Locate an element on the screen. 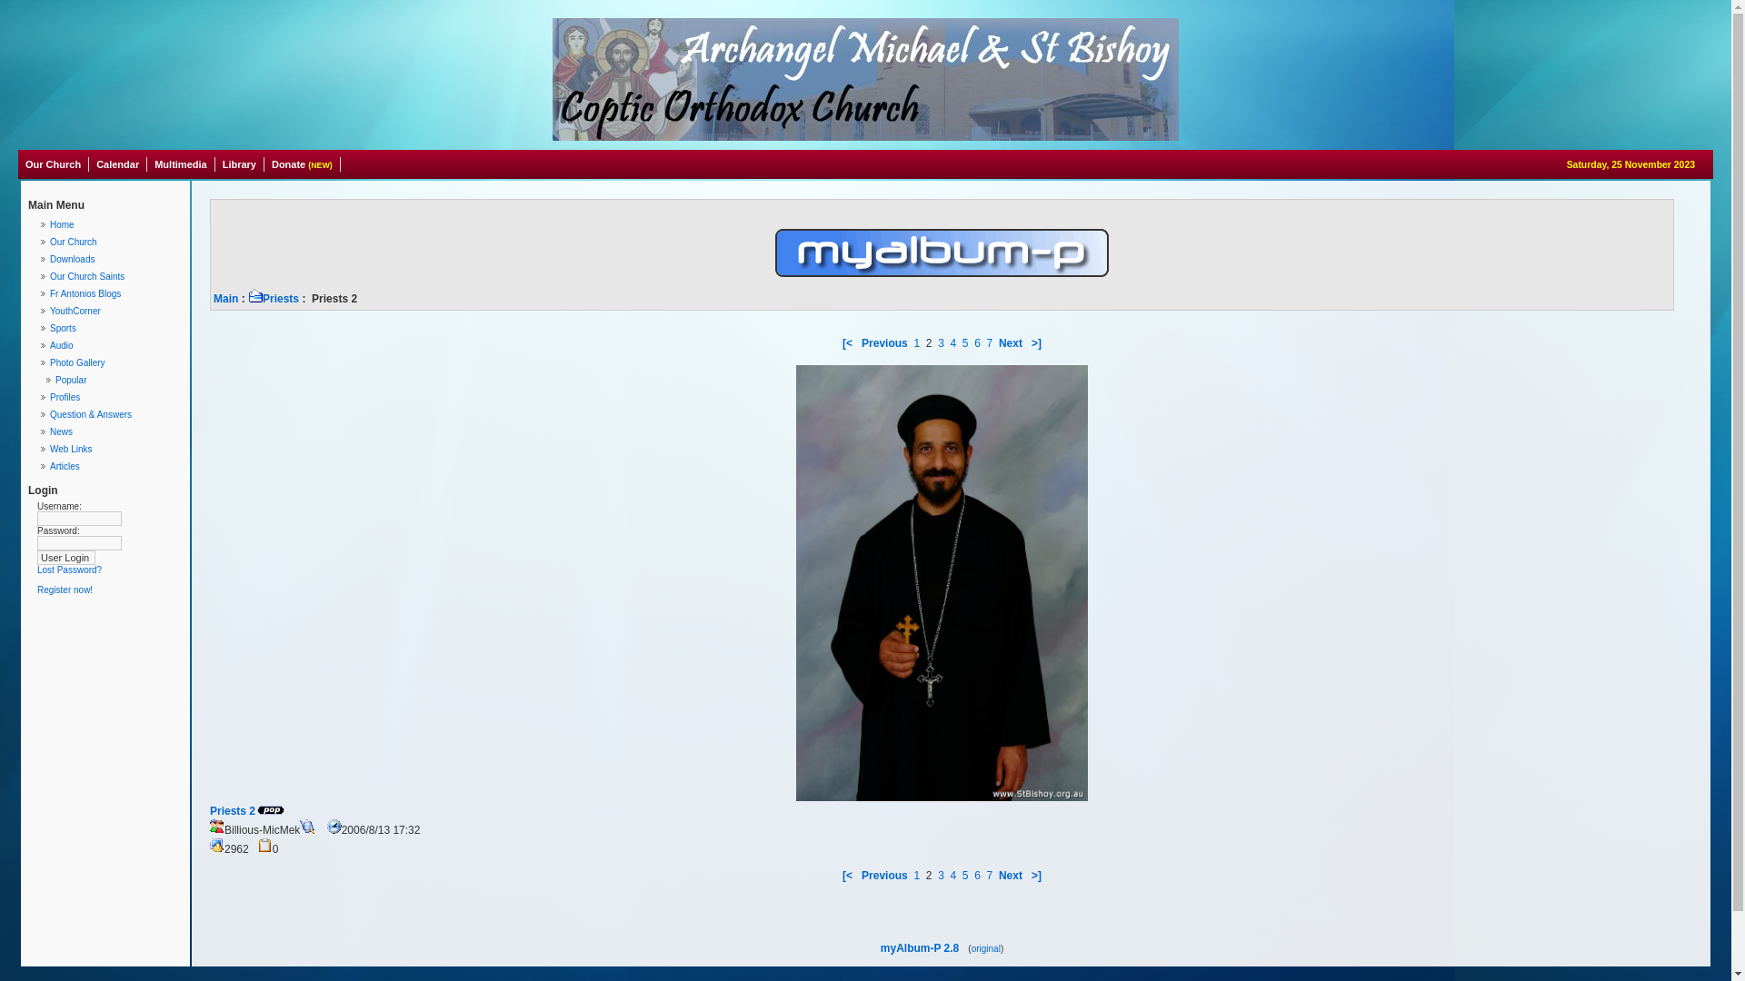 This screenshot has height=981, width=1745. 'Donate (NEW)' is located at coordinates (302, 164).